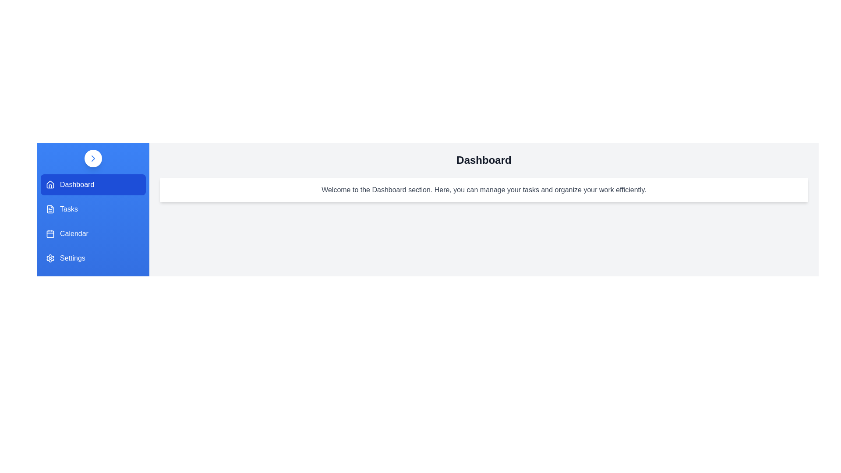 This screenshot has width=841, height=473. I want to click on the menu item labeled 'Settings' to observe the visual feedback, so click(93, 258).